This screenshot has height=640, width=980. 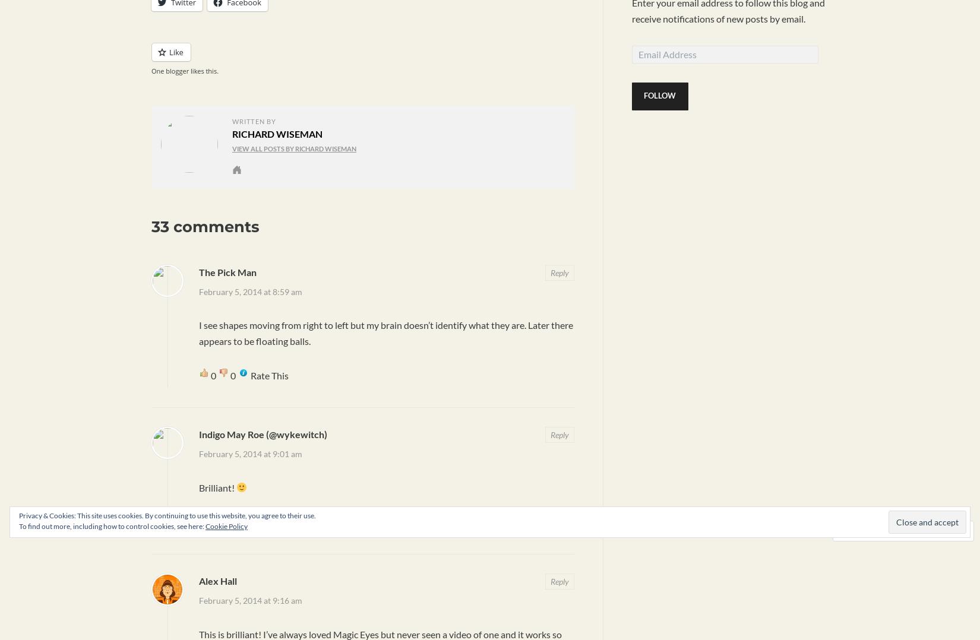 I want to click on 'Brilliant!', so click(x=217, y=487).